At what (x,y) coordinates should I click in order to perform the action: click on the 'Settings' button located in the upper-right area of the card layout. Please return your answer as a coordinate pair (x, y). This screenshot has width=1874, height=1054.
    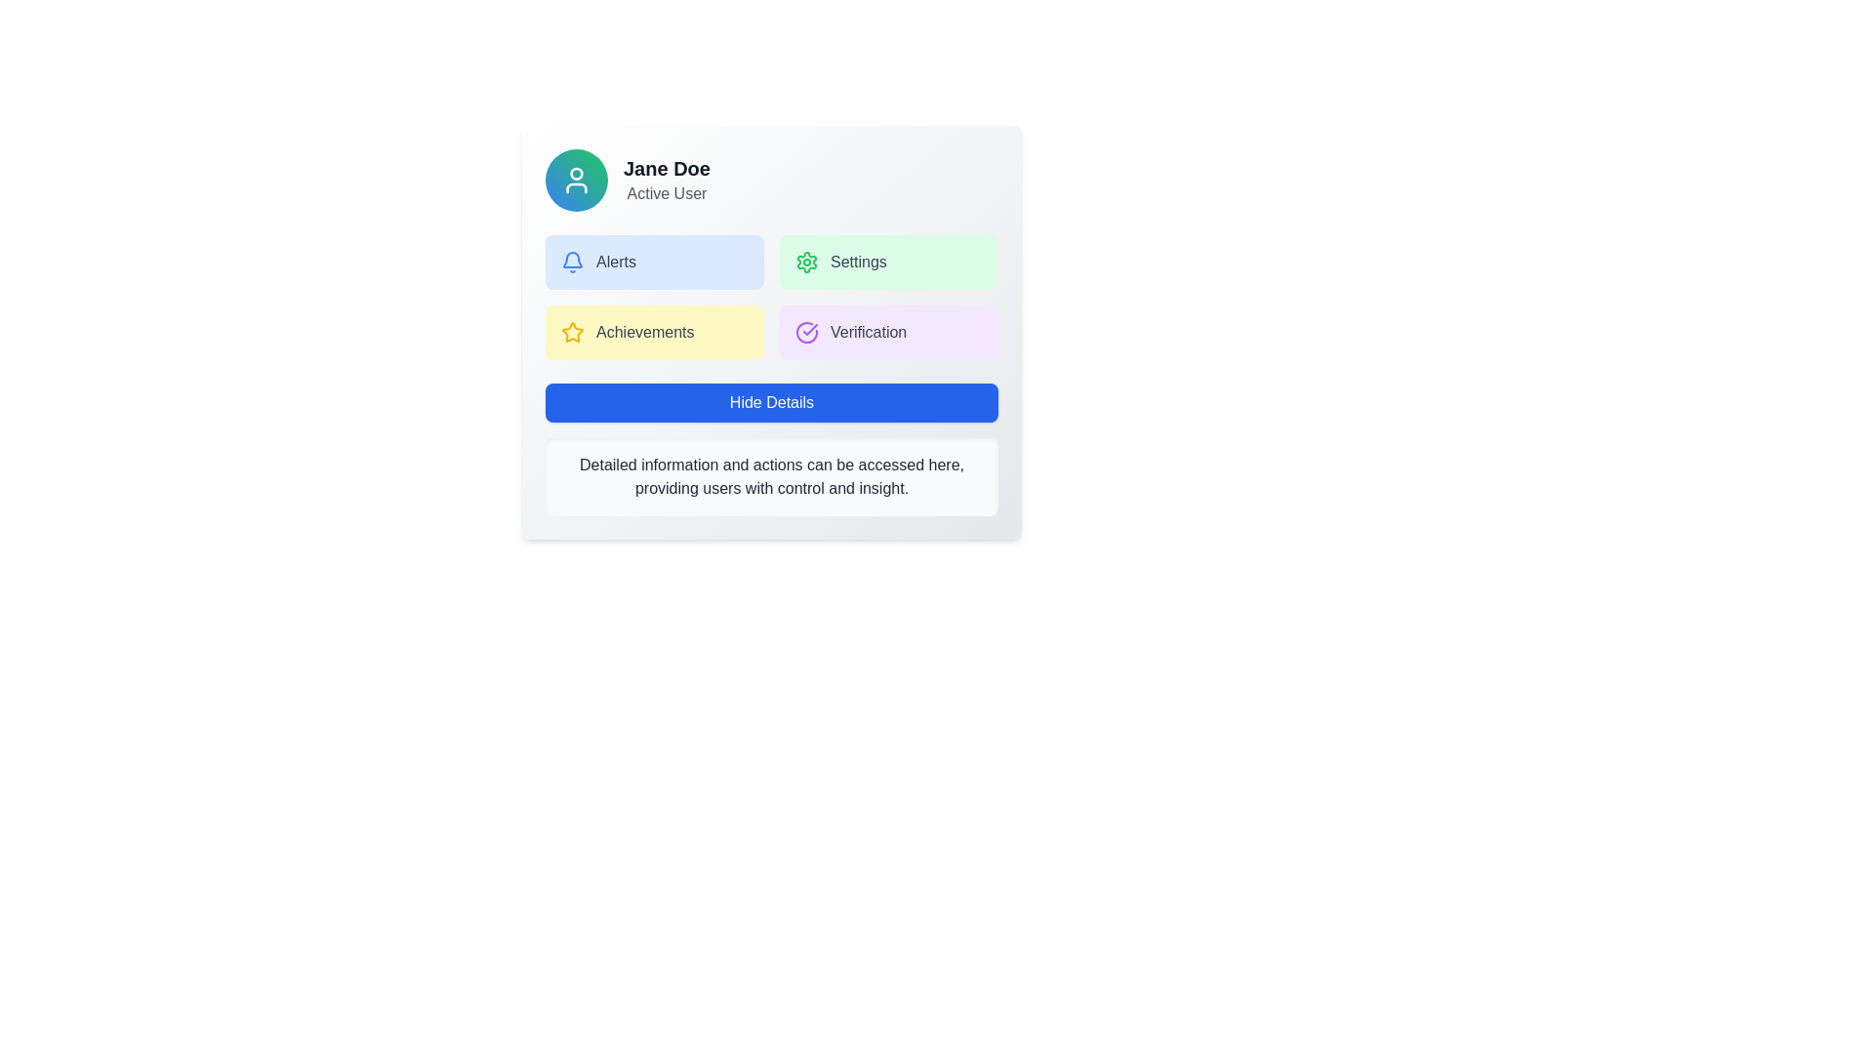
    Looking at the image, I should click on (806, 262).